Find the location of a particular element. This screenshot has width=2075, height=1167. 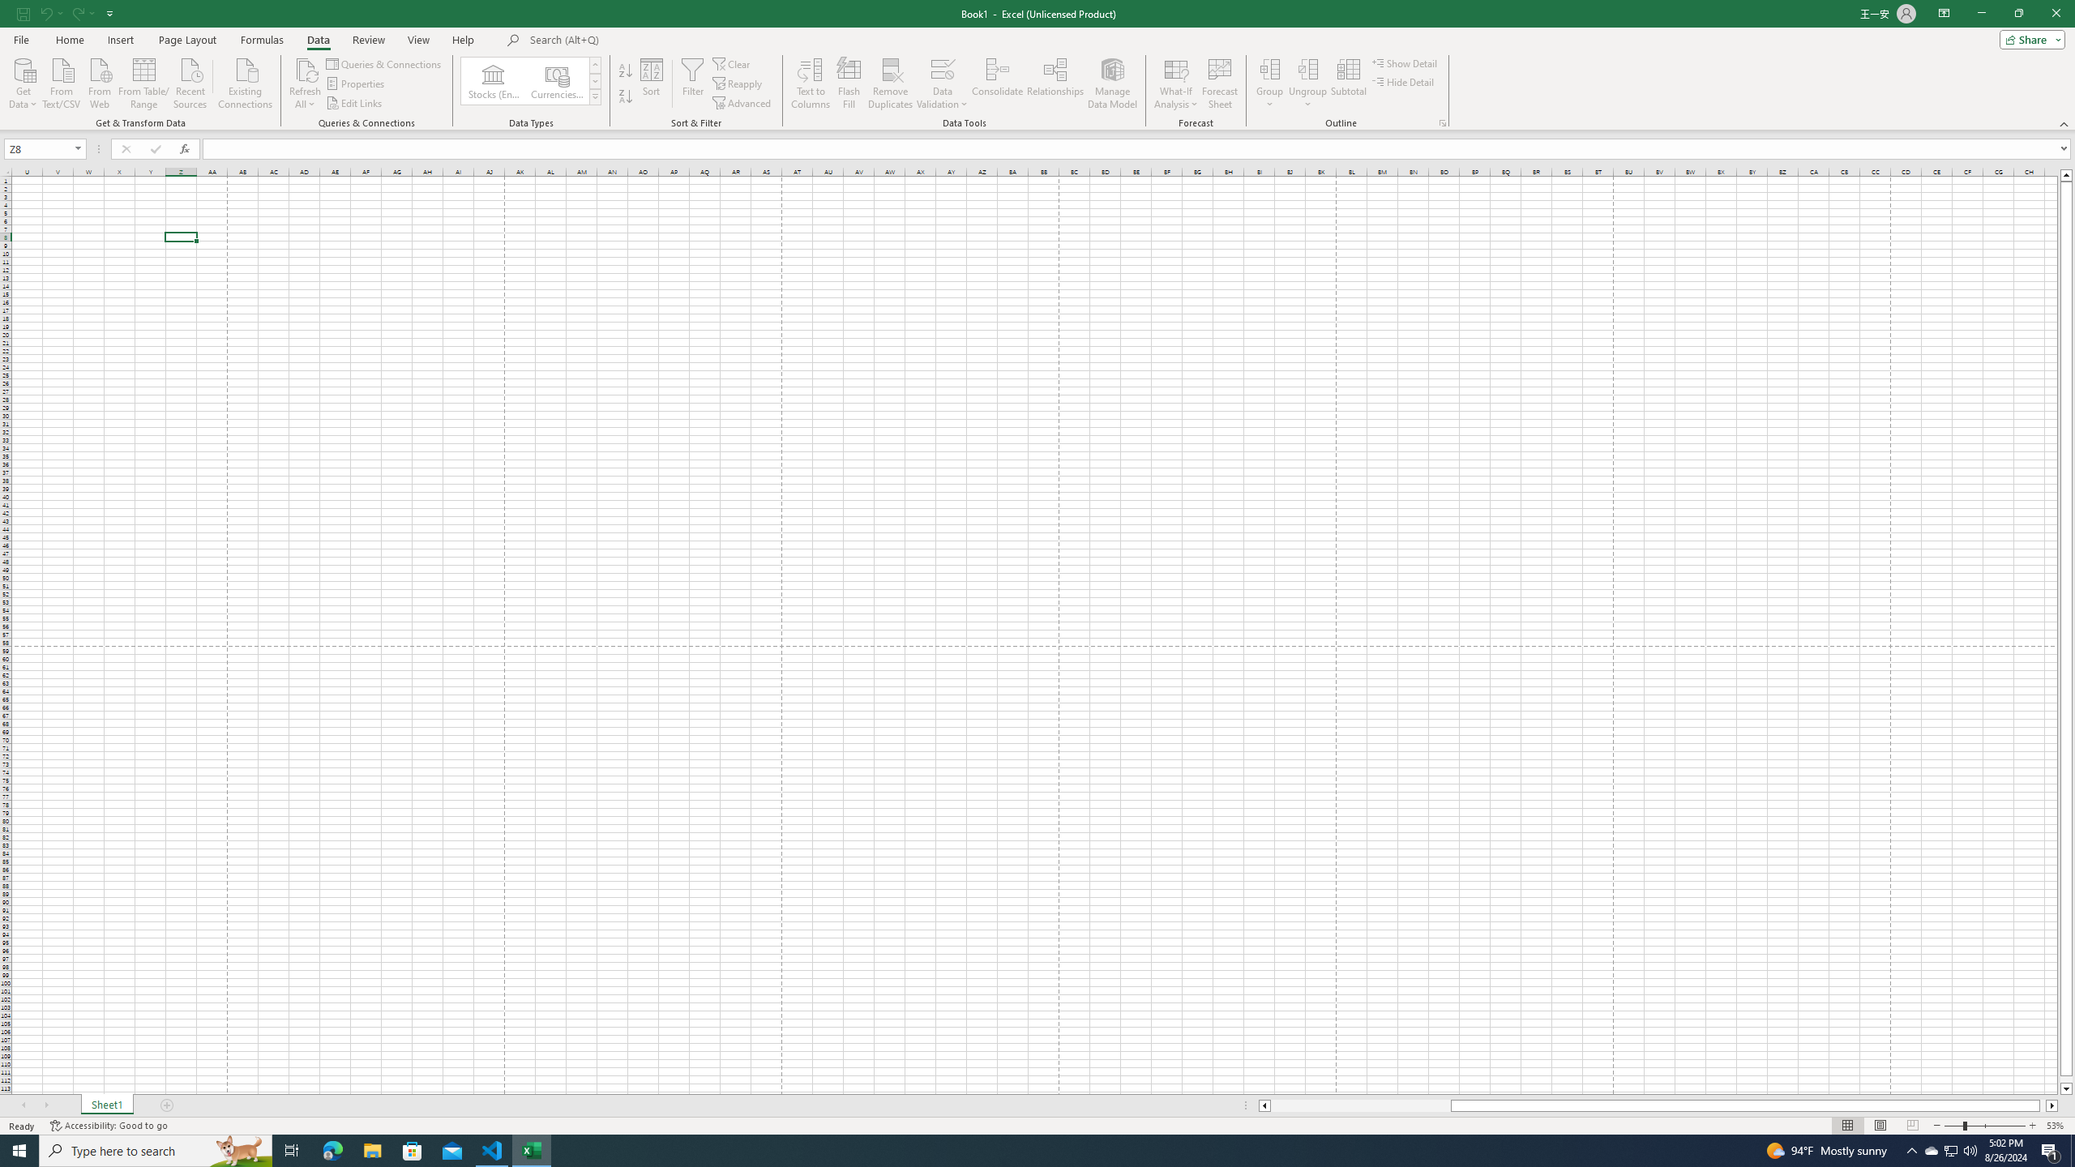

'Page down' is located at coordinates (2065, 1079).